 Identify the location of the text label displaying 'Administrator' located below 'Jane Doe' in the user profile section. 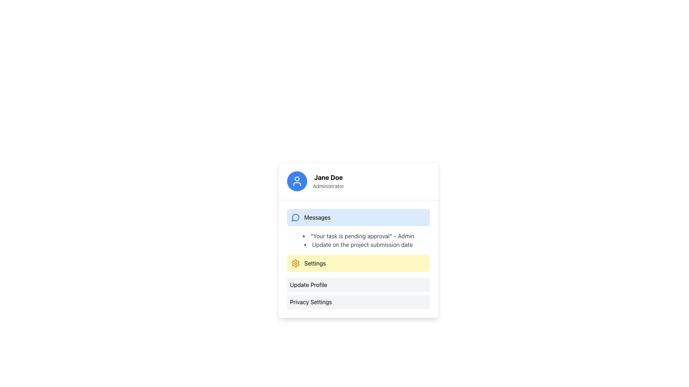
(328, 186).